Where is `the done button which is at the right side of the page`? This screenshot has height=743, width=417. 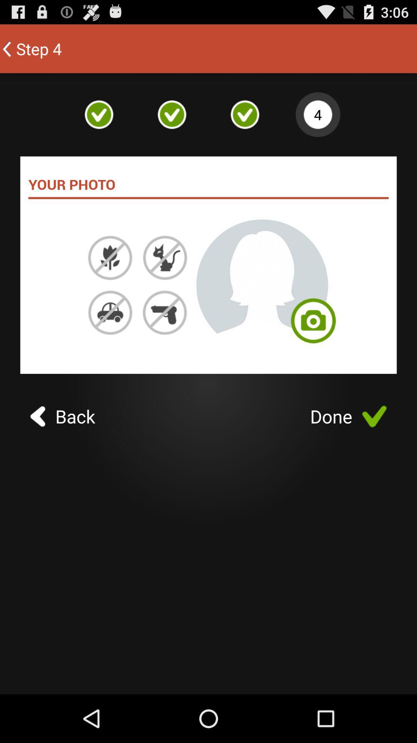
the done button which is at the right side of the page is located at coordinates (348, 416).